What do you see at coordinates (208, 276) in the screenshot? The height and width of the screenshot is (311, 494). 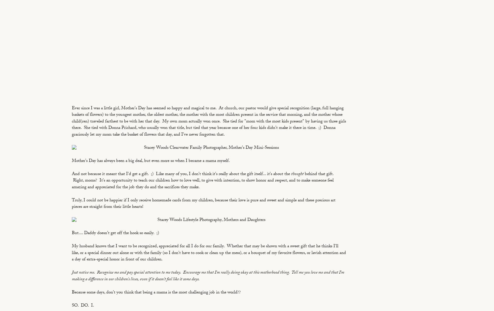 I see `'Just notice me.  Recognize me and pay special attention to me today.  Encourage me that I'm really doing okay at this motherhood thing.  Tell me you love me and that I'm making a difference in our children's lives, even if it doesn't feel like it some days.'` at bounding box center [208, 276].